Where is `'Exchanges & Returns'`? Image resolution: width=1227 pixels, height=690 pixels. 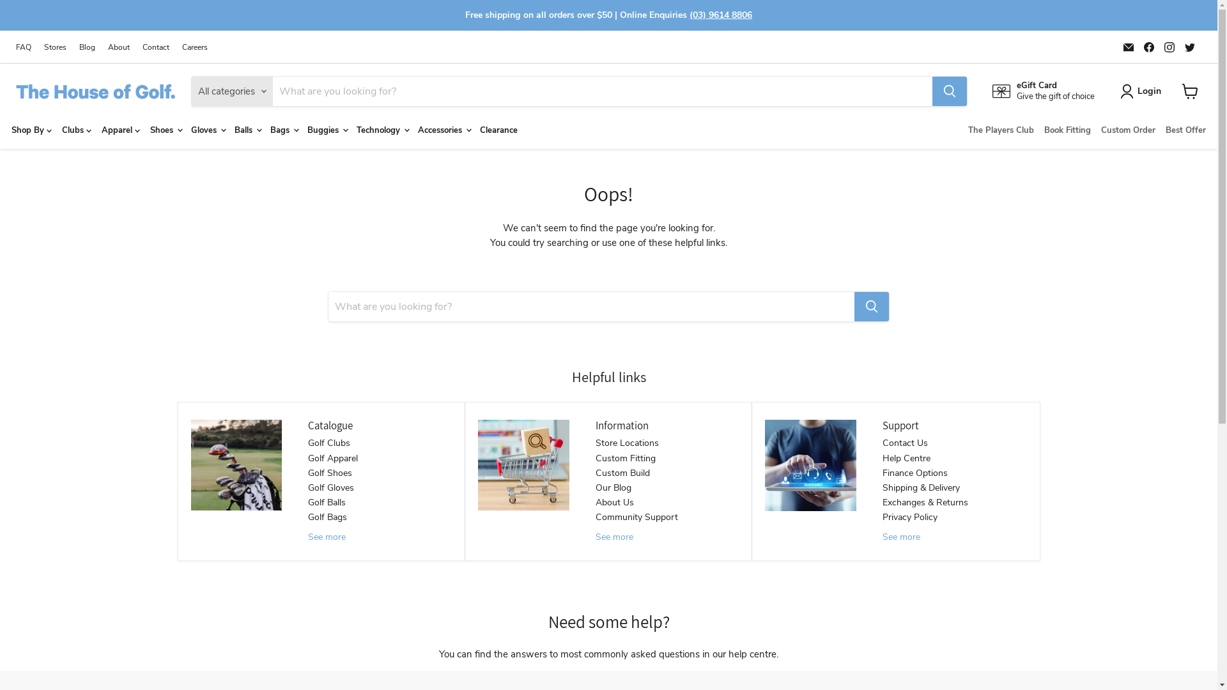 'Exchanges & Returns' is located at coordinates (925, 502).